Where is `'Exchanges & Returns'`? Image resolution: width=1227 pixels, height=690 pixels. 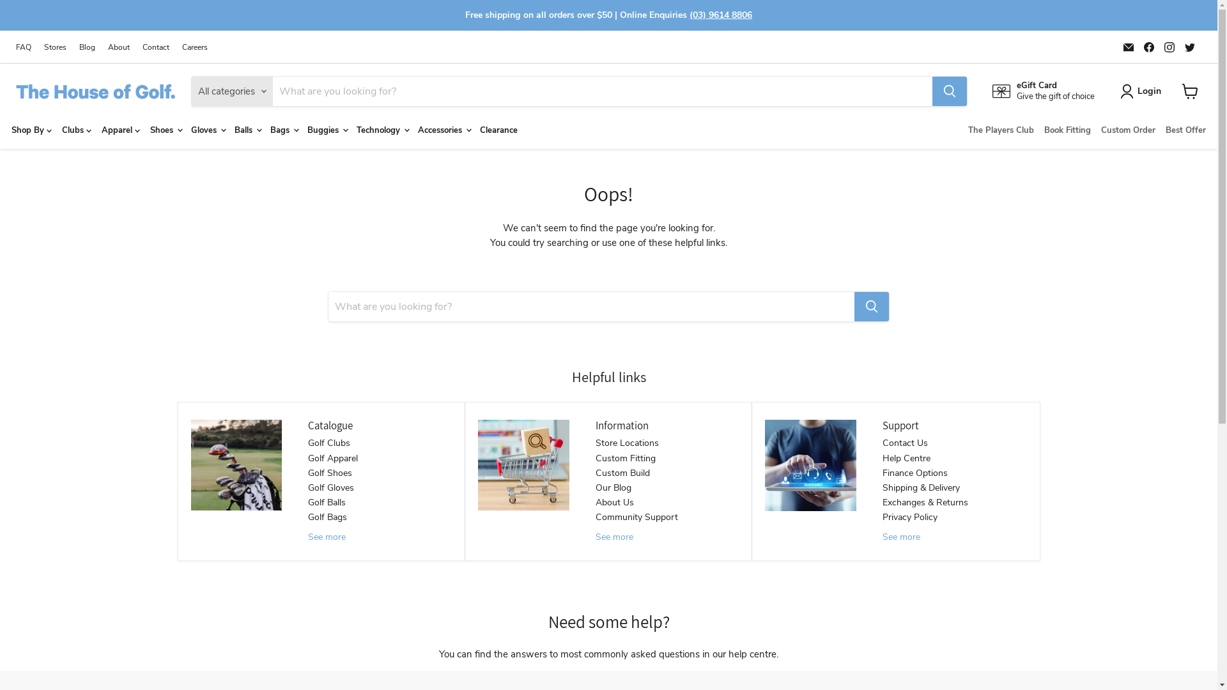 'Exchanges & Returns' is located at coordinates (925, 502).